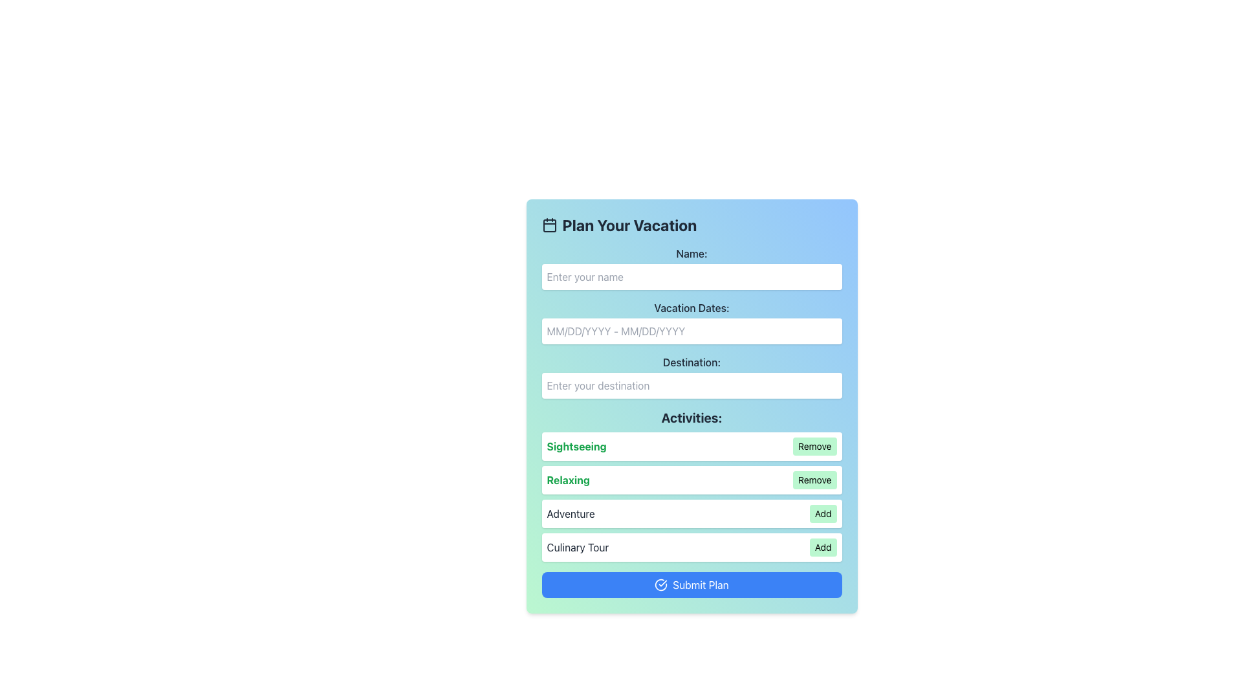  What do you see at coordinates (814, 480) in the screenshot?
I see `the button` at bounding box center [814, 480].